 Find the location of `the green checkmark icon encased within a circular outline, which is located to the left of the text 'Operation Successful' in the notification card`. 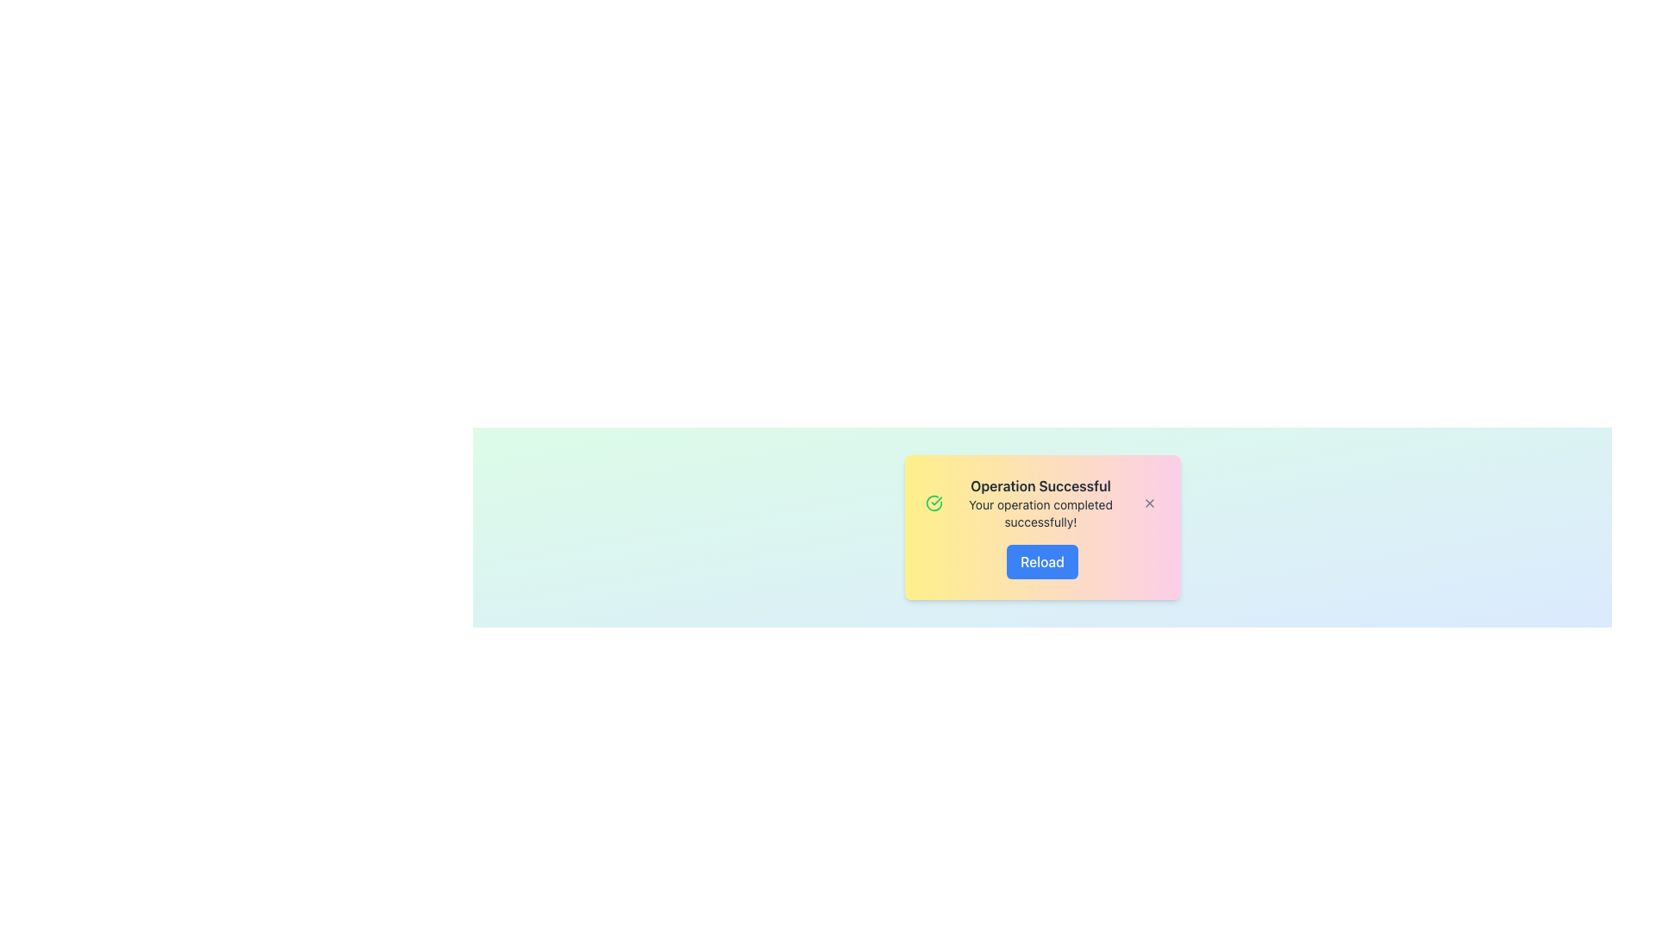

the green checkmark icon encased within a circular outline, which is located to the left of the text 'Operation Successful' in the notification card is located at coordinates (933, 503).